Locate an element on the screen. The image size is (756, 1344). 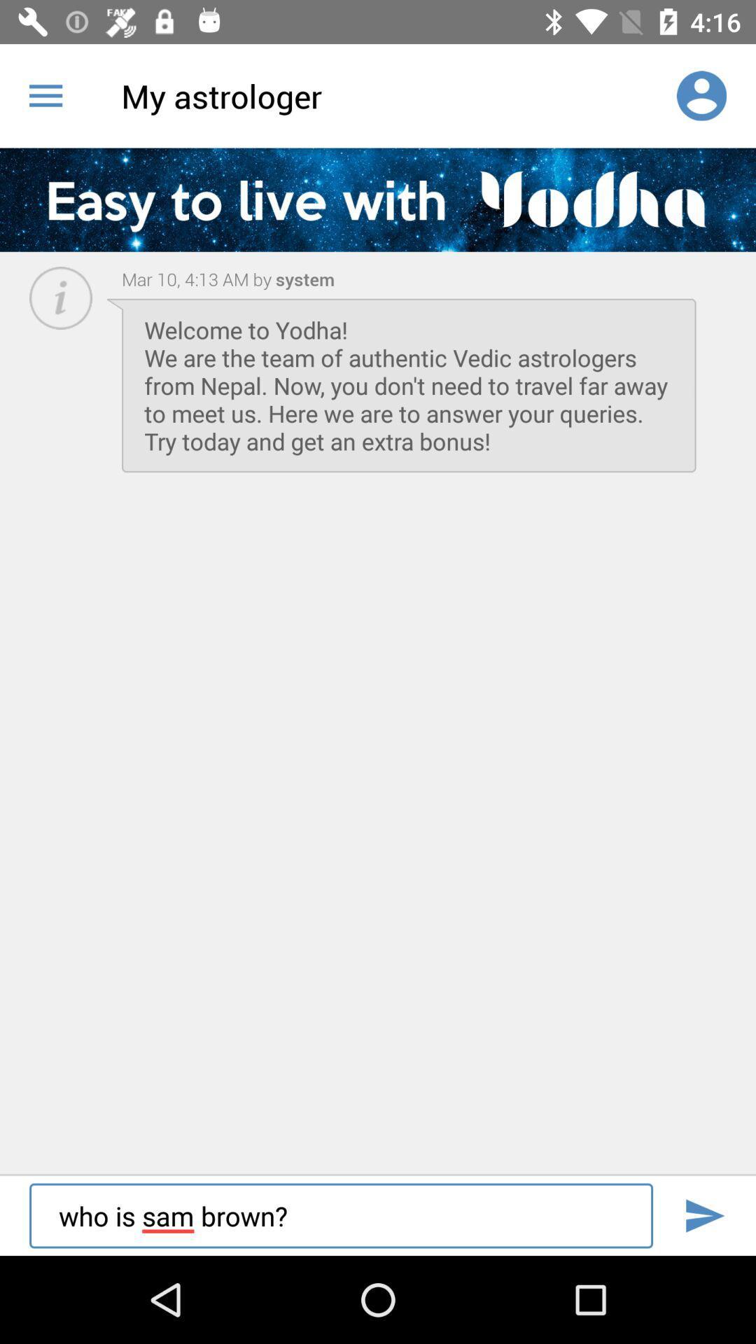
the icon above the welcome to yodha item is located at coordinates (197, 279).